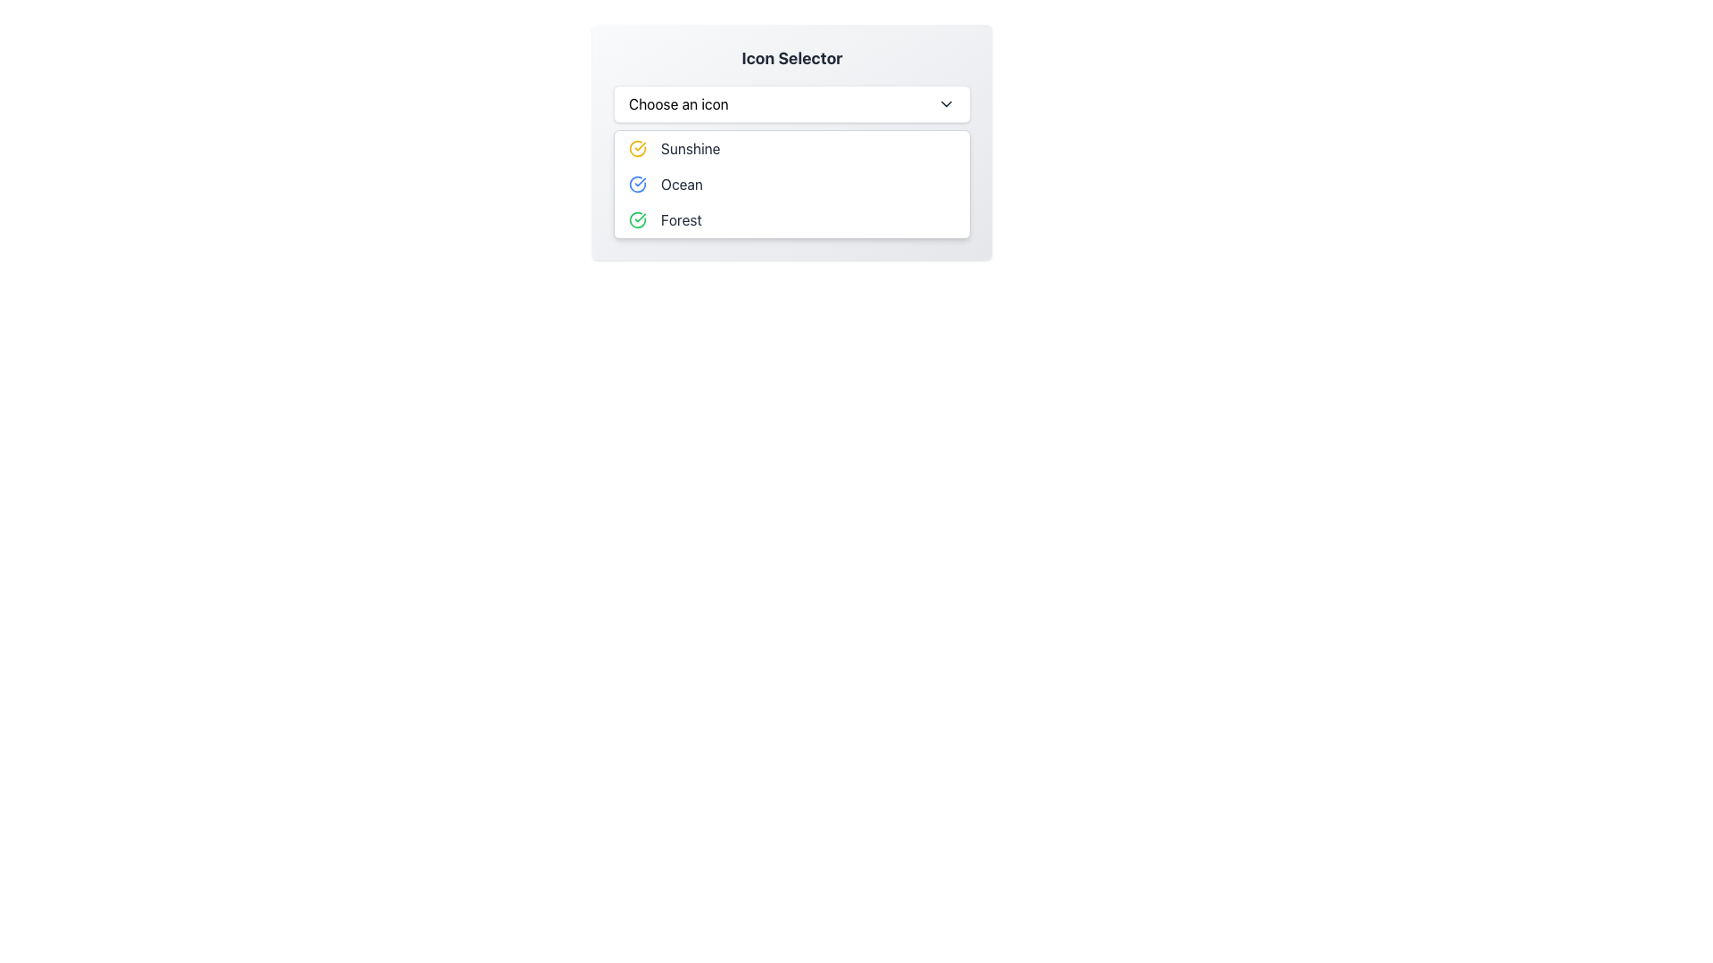 Image resolution: width=1713 pixels, height=963 pixels. What do you see at coordinates (791, 218) in the screenshot?
I see `the third option labeled 'Forest' in the dropdown list` at bounding box center [791, 218].